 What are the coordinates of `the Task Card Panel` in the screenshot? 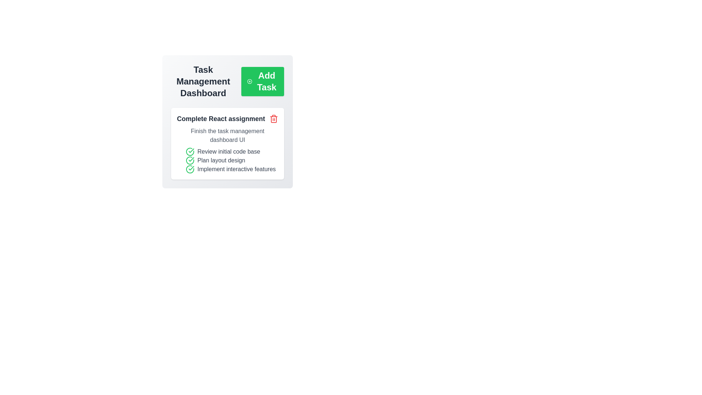 It's located at (227, 121).